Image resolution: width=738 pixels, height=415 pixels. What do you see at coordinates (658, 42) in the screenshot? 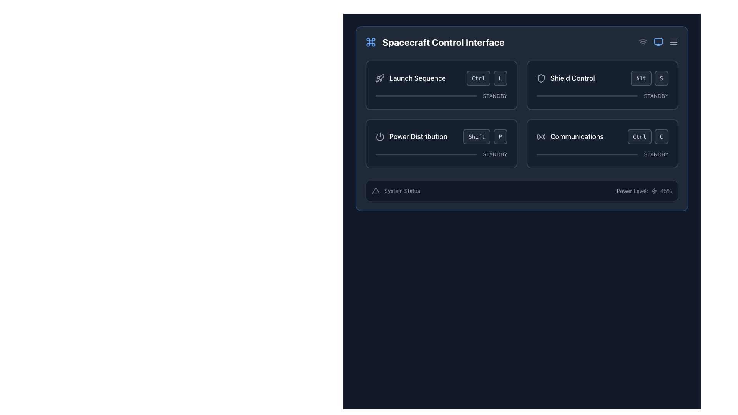
I see `the blue computer monitor icon located in the upper-right corner of the interface, positioned second in a row of three icons` at bounding box center [658, 42].